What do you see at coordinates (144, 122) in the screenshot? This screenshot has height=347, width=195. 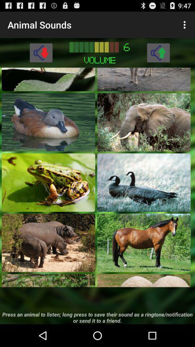 I see `press to listen the elephant long press to save his sound or send it to a friend` at bounding box center [144, 122].